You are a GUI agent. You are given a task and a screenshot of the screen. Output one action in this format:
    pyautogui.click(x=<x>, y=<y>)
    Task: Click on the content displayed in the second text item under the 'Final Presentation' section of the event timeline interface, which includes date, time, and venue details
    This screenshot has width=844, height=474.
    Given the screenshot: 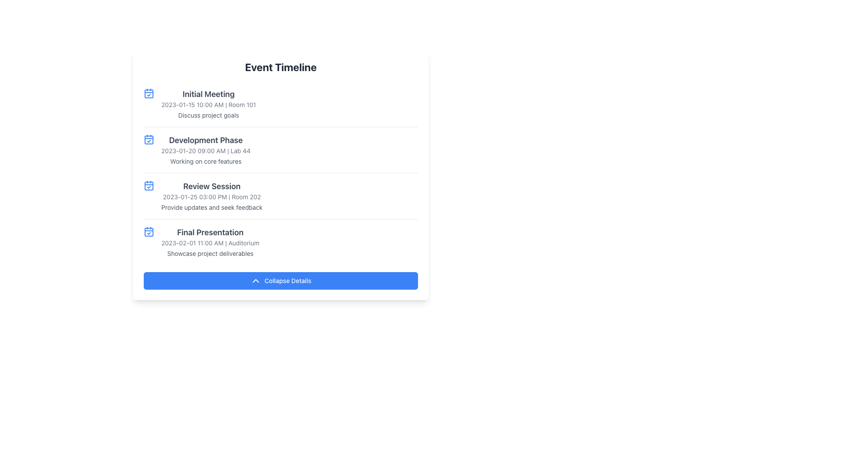 What is the action you would take?
    pyautogui.click(x=210, y=243)
    